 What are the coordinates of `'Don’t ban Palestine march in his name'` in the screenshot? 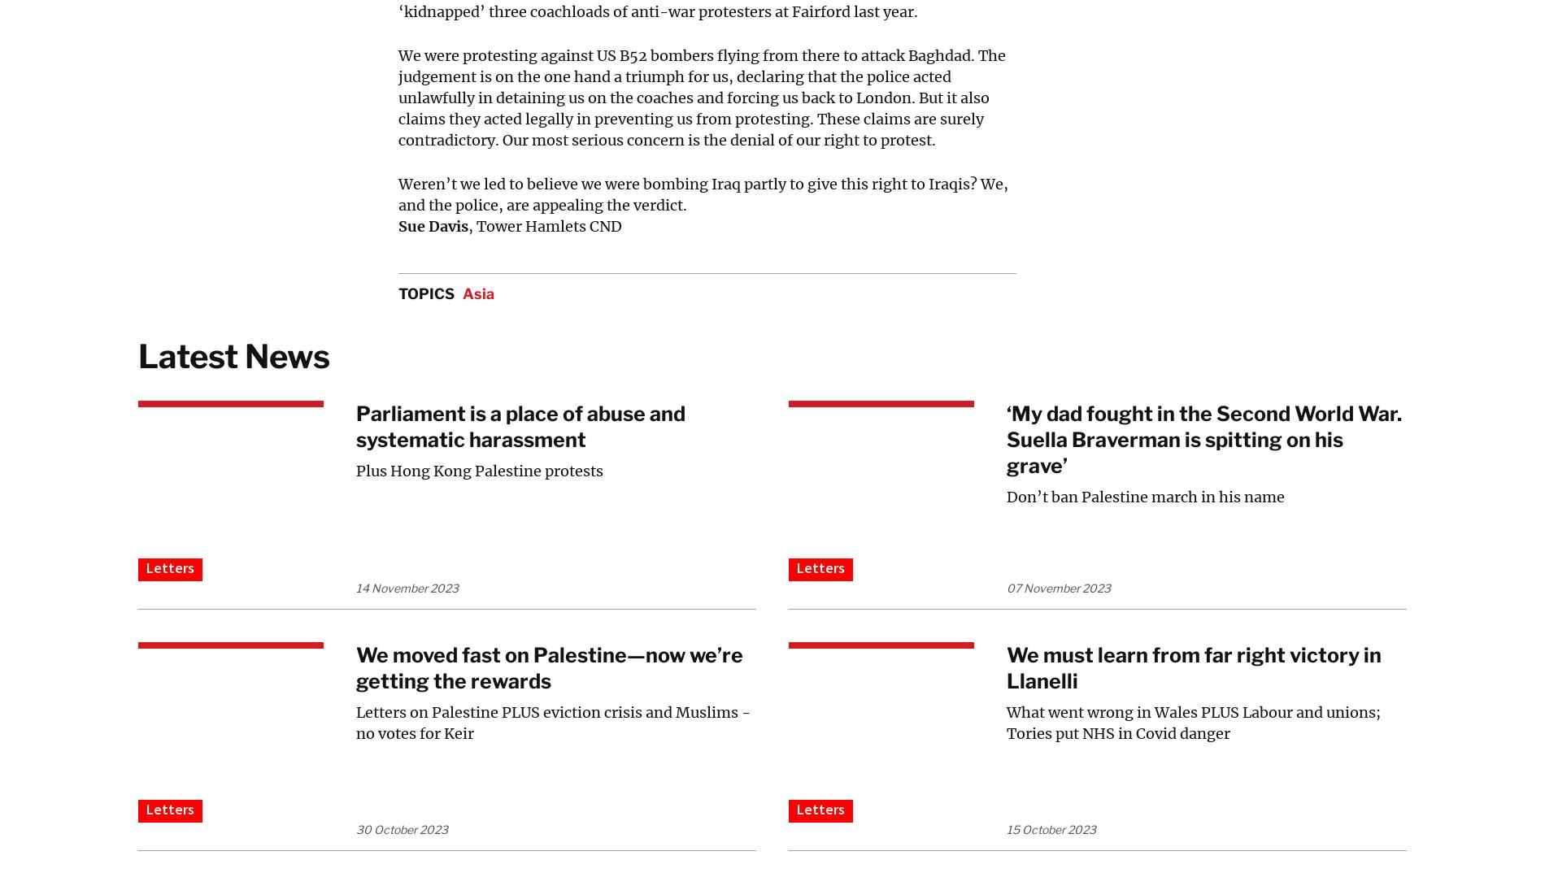 It's located at (1145, 497).